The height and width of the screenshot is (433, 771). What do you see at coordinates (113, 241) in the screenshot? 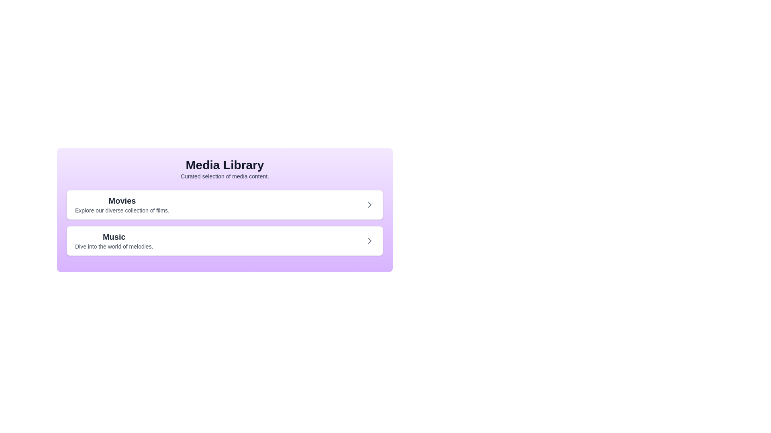
I see `the second item in the media categories list, which is a static text block displaying 'Dive into the world of melodies.'` at bounding box center [113, 241].